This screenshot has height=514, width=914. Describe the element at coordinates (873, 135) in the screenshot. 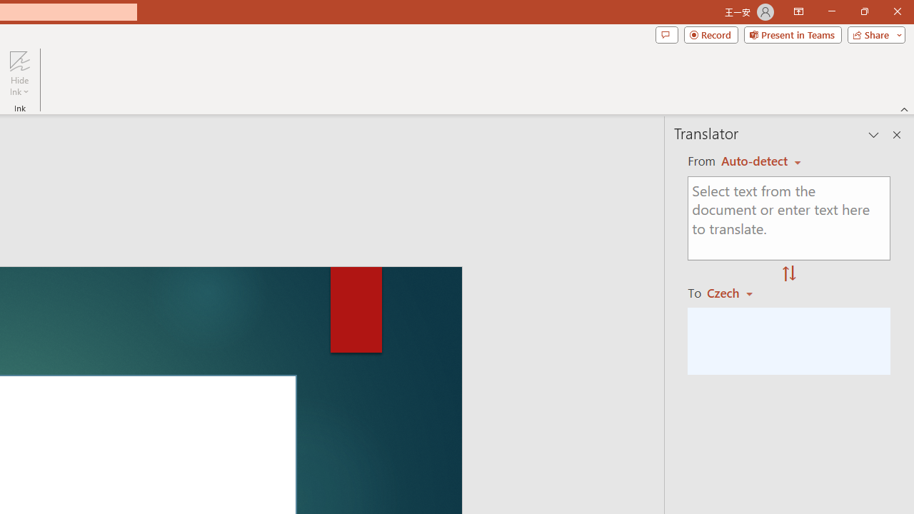

I see `'Task Pane Options'` at that location.